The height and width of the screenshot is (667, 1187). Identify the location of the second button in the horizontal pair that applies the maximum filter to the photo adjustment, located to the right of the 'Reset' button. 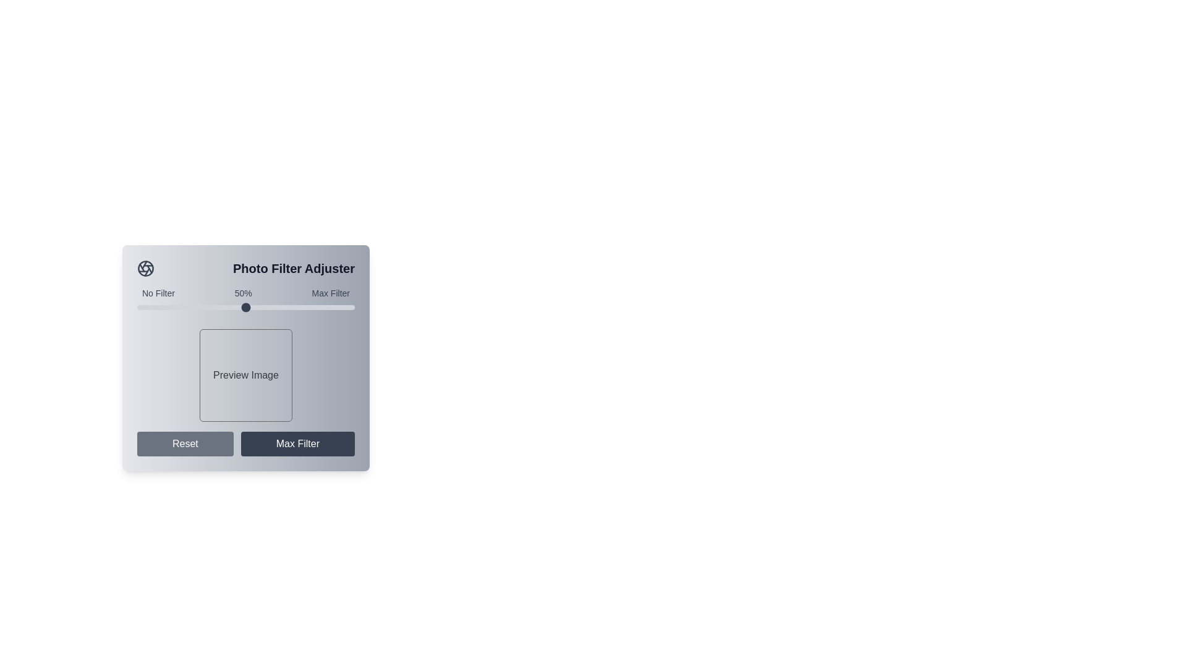
(297, 443).